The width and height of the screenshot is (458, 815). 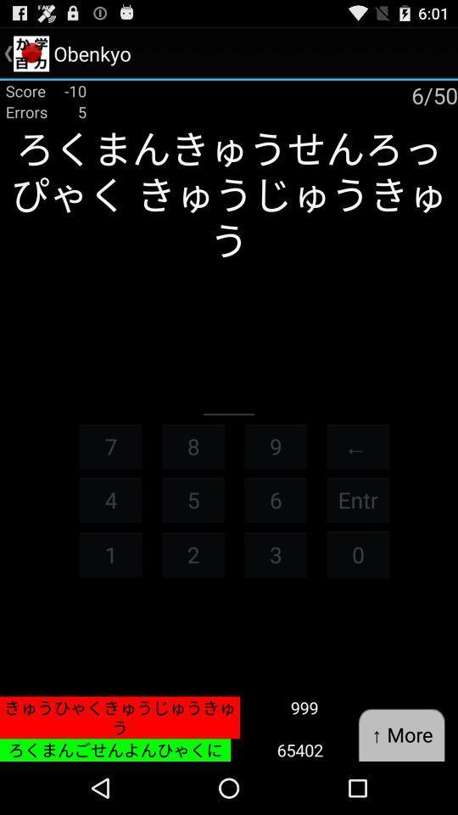 What do you see at coordinates (276, 445) in the screenshot?
I see `button next to 8 item` at bounding box center [276, 445].